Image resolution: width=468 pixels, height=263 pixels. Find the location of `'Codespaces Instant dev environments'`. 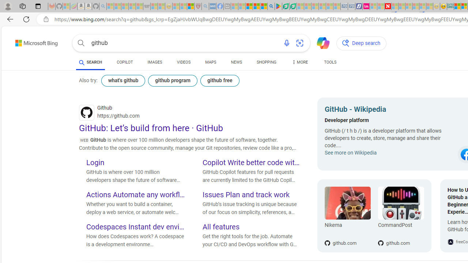

'Codespaces Instant dev environments' is located at coordinates (135, 227).